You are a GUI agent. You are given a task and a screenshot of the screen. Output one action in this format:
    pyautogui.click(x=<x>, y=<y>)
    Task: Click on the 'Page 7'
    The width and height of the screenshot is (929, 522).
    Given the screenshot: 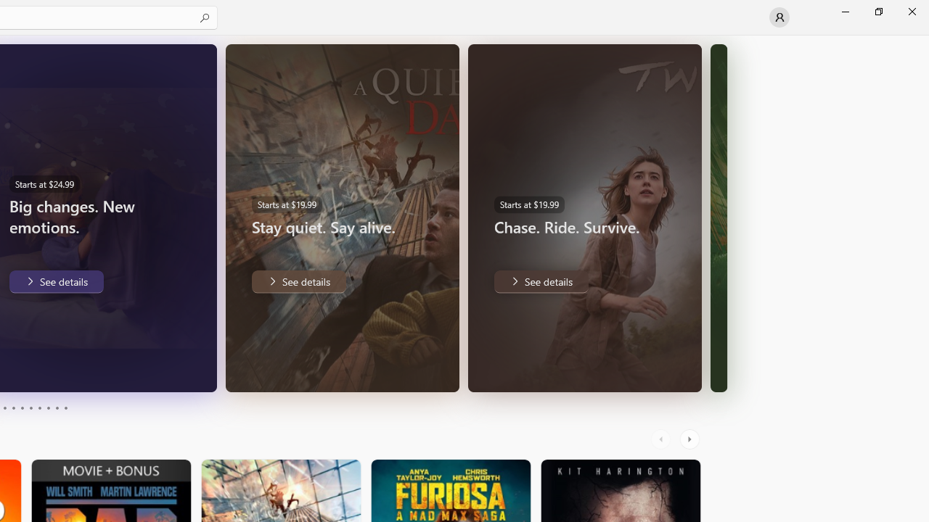 What is the action you would take?
    pyautogui.click(x=39, y=408)
    